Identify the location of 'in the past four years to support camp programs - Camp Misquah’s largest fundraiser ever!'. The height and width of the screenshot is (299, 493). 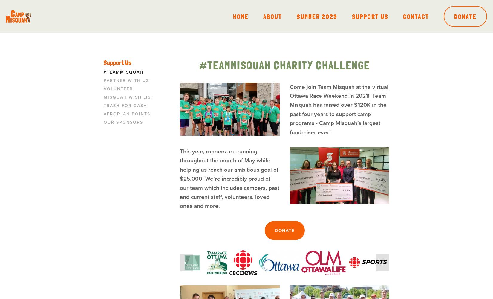
(339, 118).